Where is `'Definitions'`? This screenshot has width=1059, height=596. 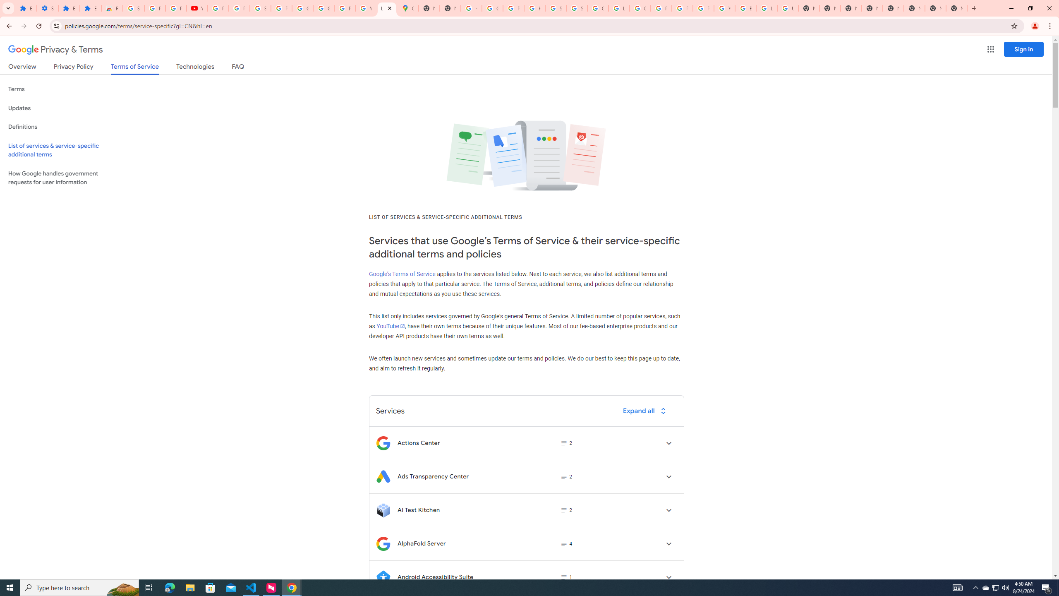 'Definitions' is located at coordinates (62, 127).